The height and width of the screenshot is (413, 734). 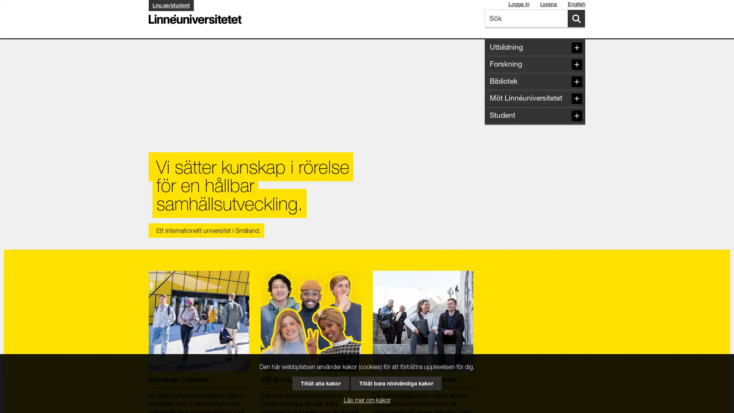 What do you see at coordinates (320, 383) in the screenshot?
I see `Tillat alla kakor` at bounding box center [320, 383].